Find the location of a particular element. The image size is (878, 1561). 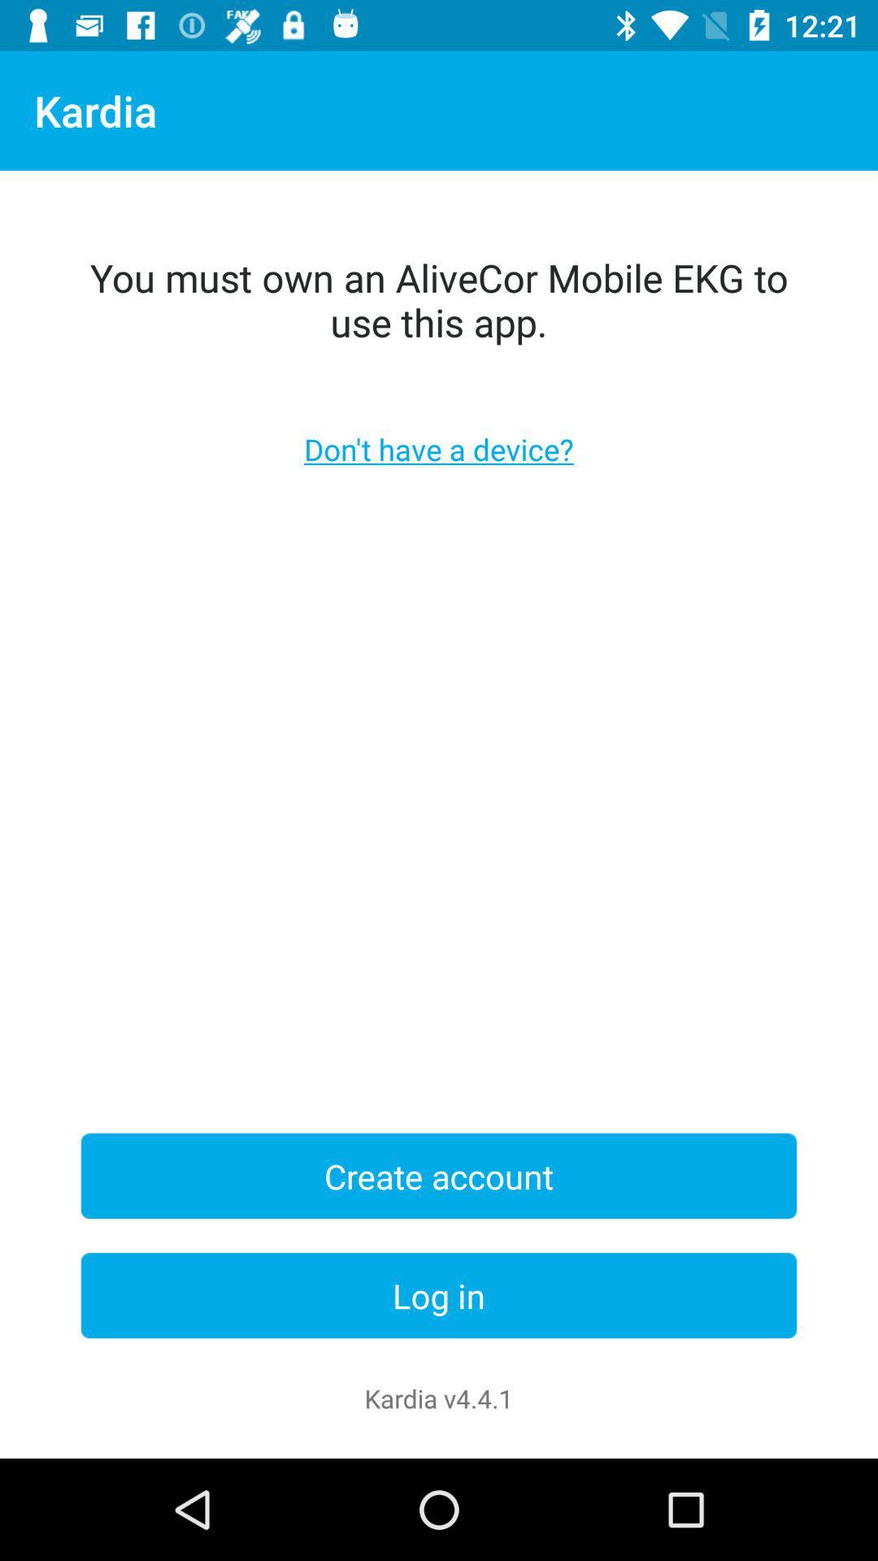

the item below the create account is located at coordinates (439, 1294).